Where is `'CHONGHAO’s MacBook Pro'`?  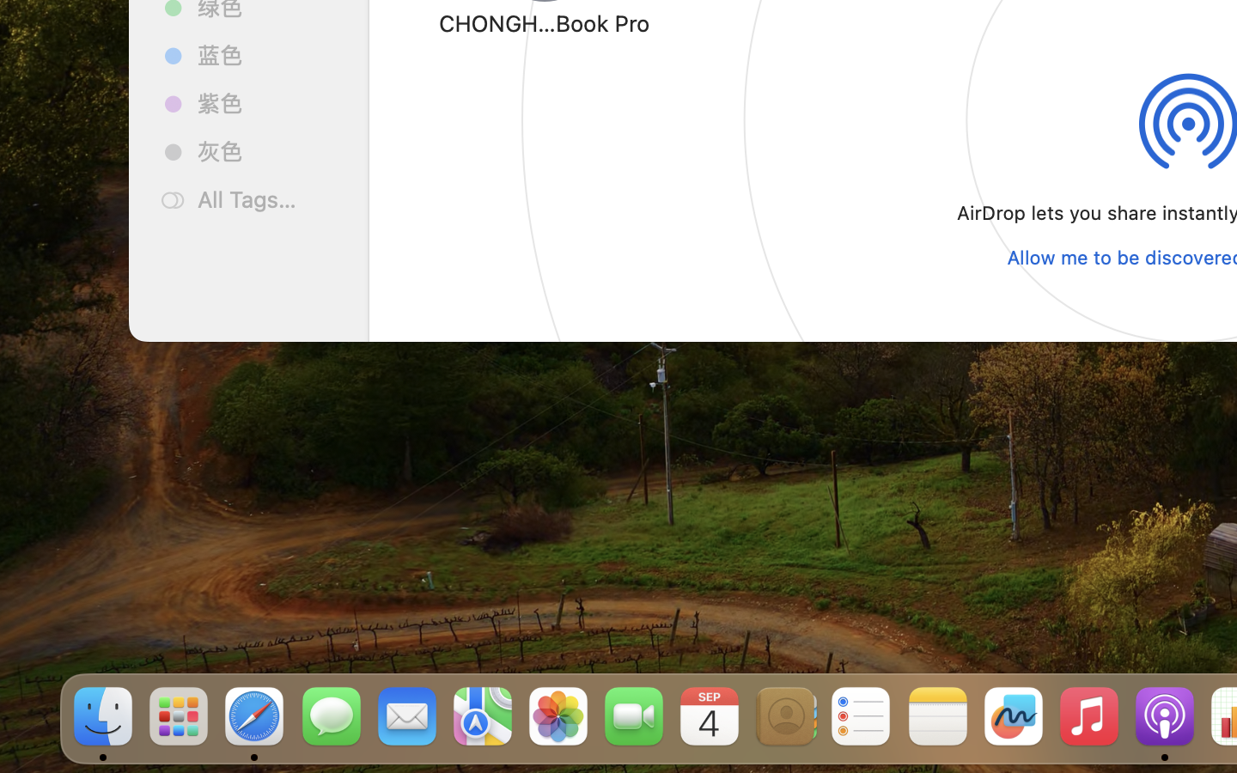 'CHONGHAO’s MacBook Pro' is located at coordinates (544, 21).